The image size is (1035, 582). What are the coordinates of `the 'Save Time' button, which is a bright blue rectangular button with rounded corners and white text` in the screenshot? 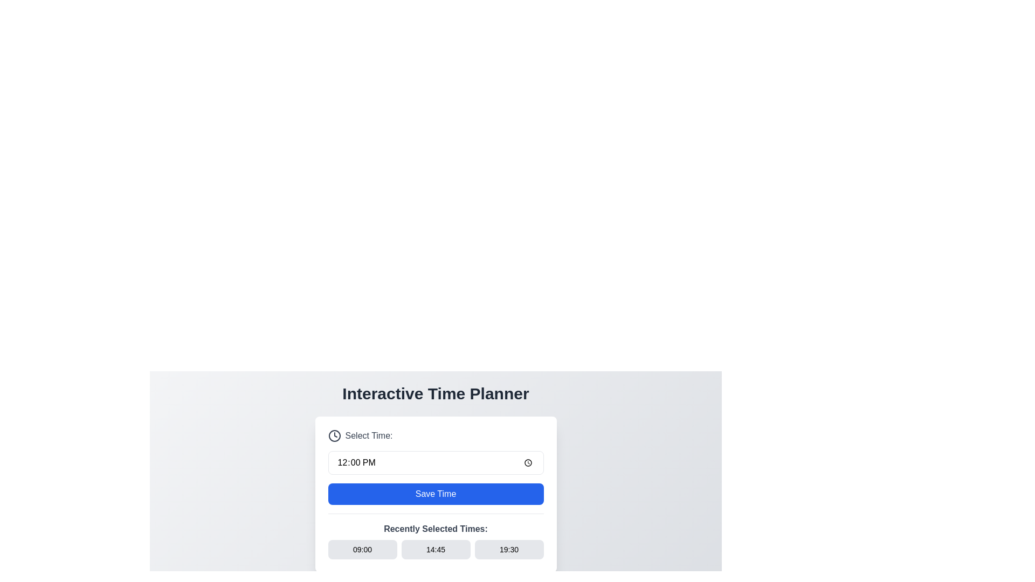 It's located at (436, 494).